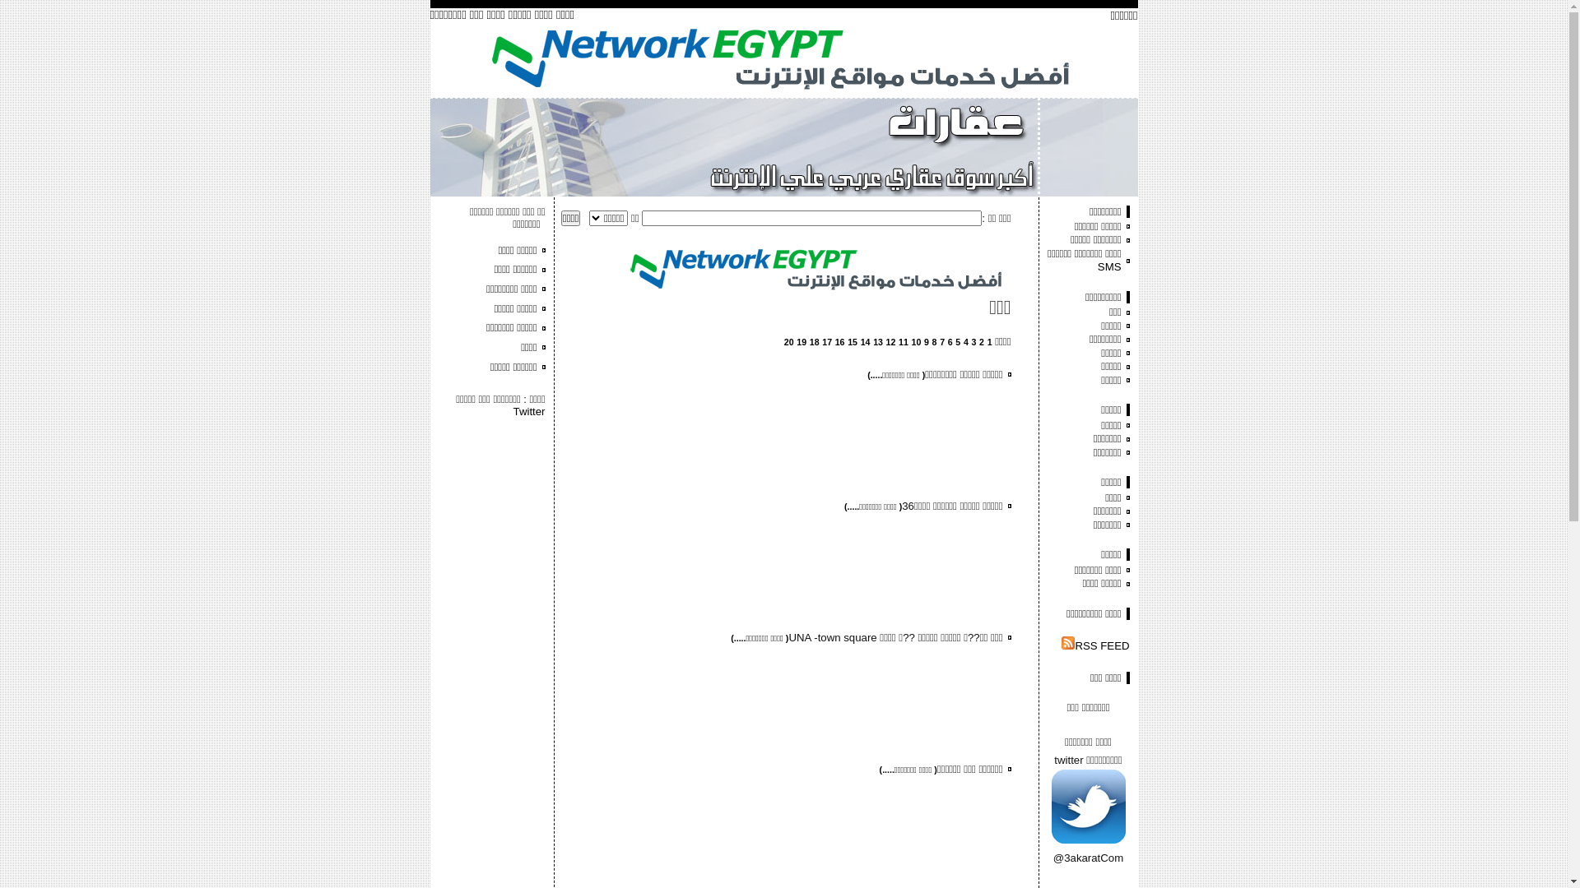 The image size is (1580, 888). What do you see at coordinates (903, 341) in the screenshot?
I see `'11'` at bounding box center [903, 341].